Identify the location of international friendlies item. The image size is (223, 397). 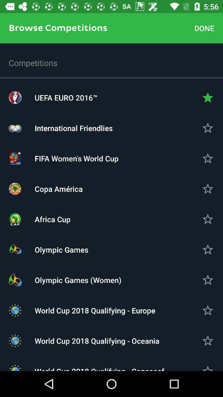
(111, 128).